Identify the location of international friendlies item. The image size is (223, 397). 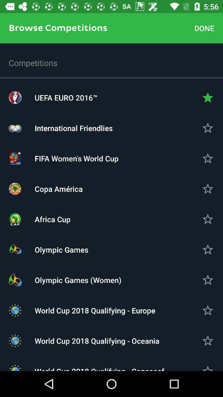
(111, 128).